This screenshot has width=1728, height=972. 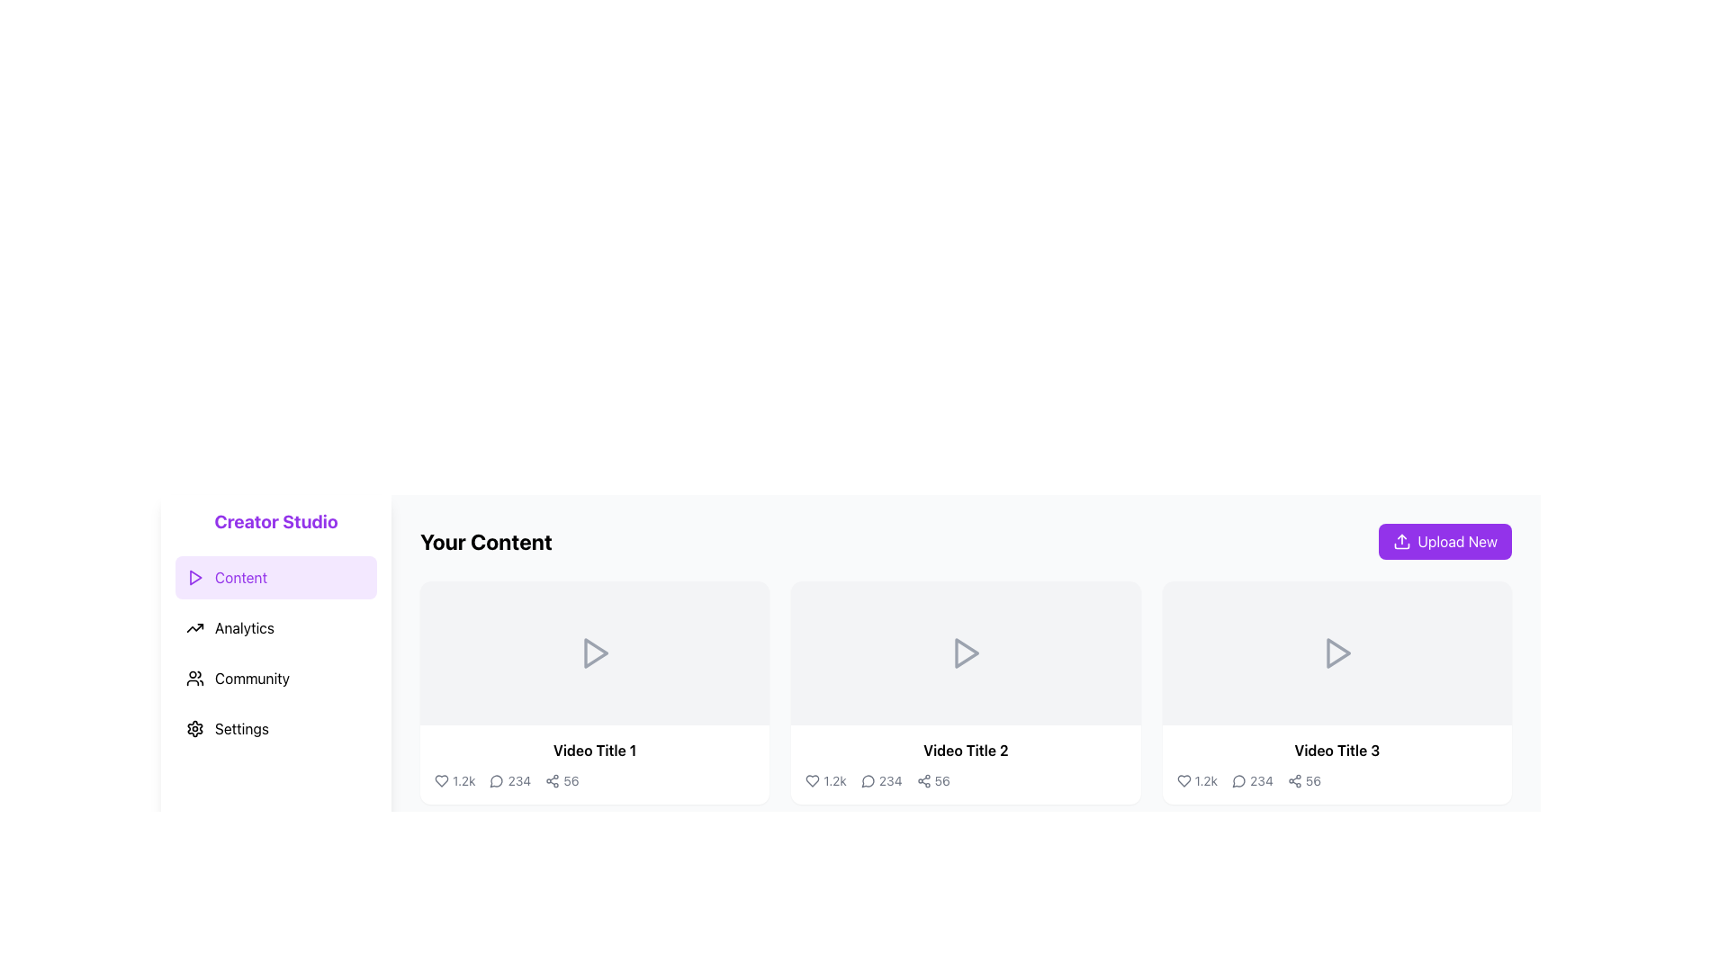 I want to click on keyboard navigation, so click(x=965, y=764).